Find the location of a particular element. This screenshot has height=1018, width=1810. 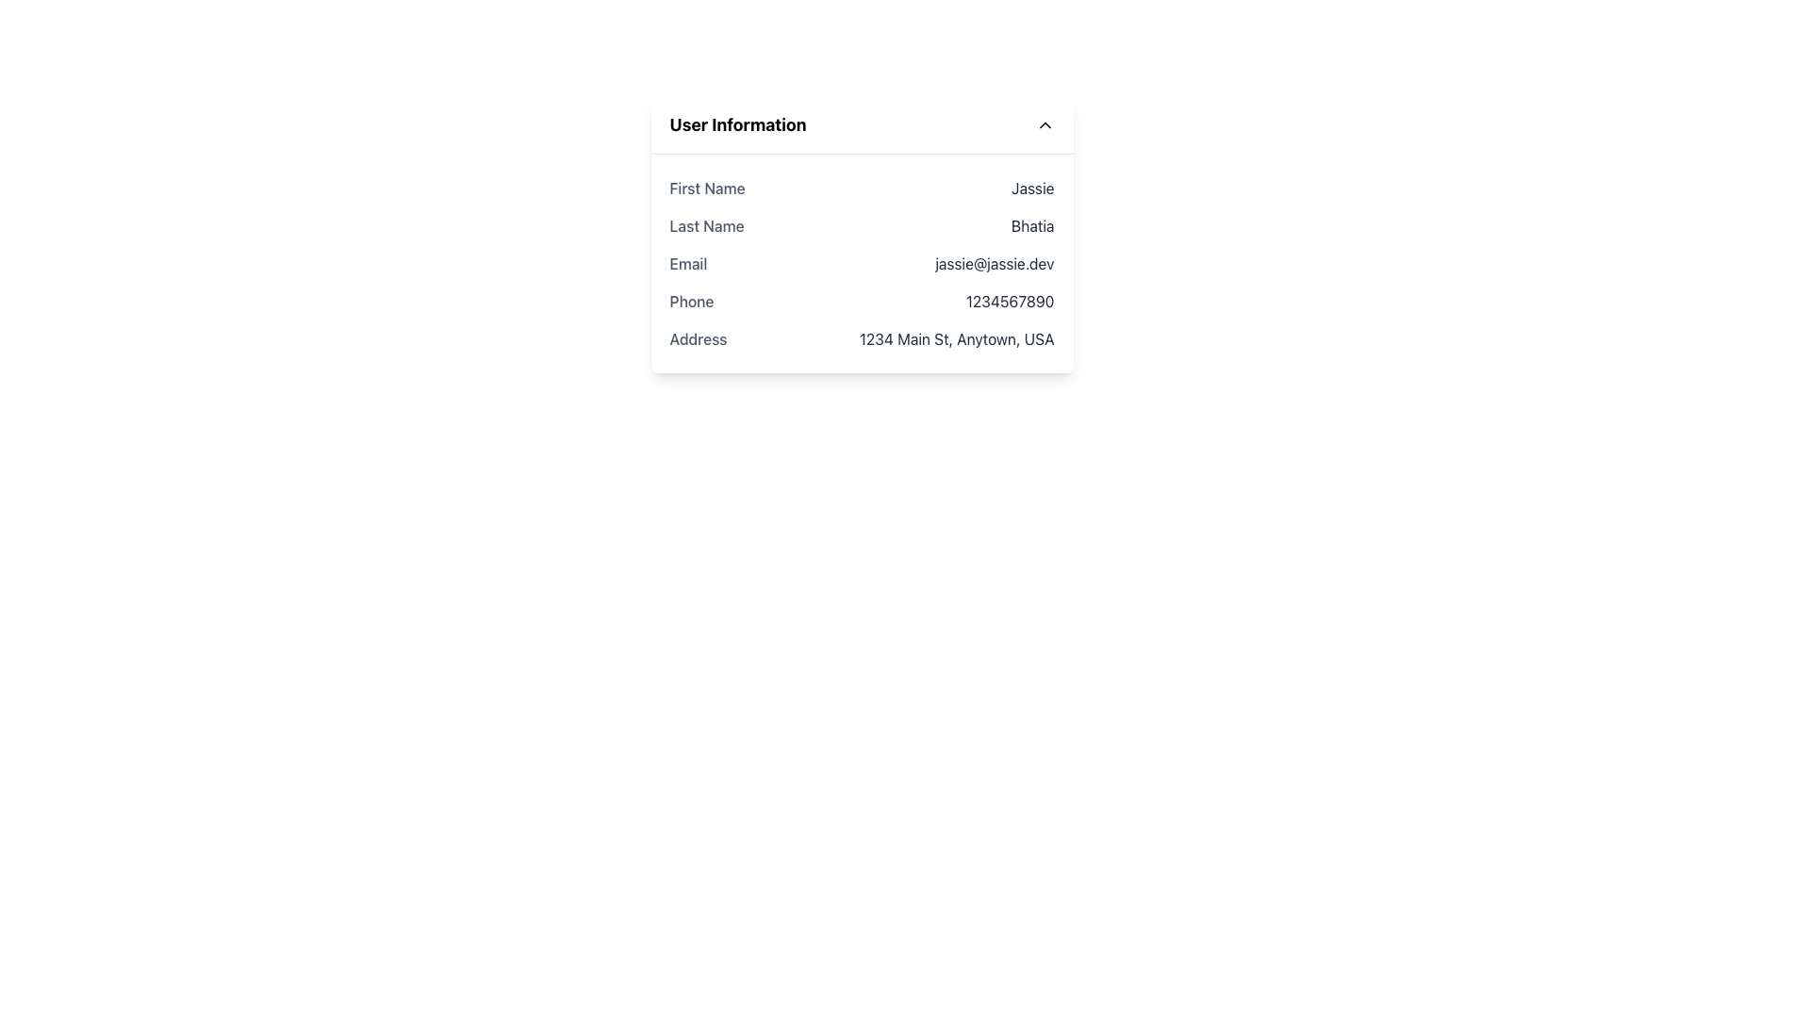

the 'Phone' text label in the 'User Information' section, which is styled with a medium font weight and gray coloring, located under the 'Email' row is located at coordinates (691, 301).